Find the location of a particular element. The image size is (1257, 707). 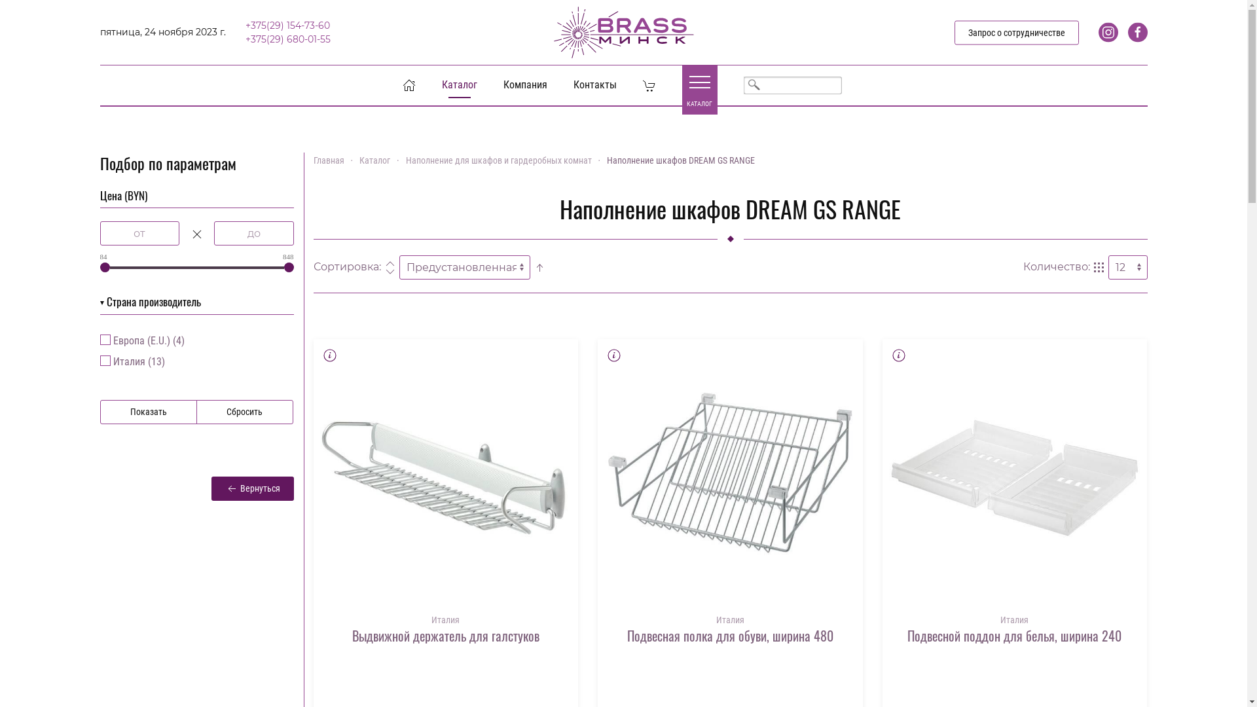

'3' is located at coordinates (103, 339).